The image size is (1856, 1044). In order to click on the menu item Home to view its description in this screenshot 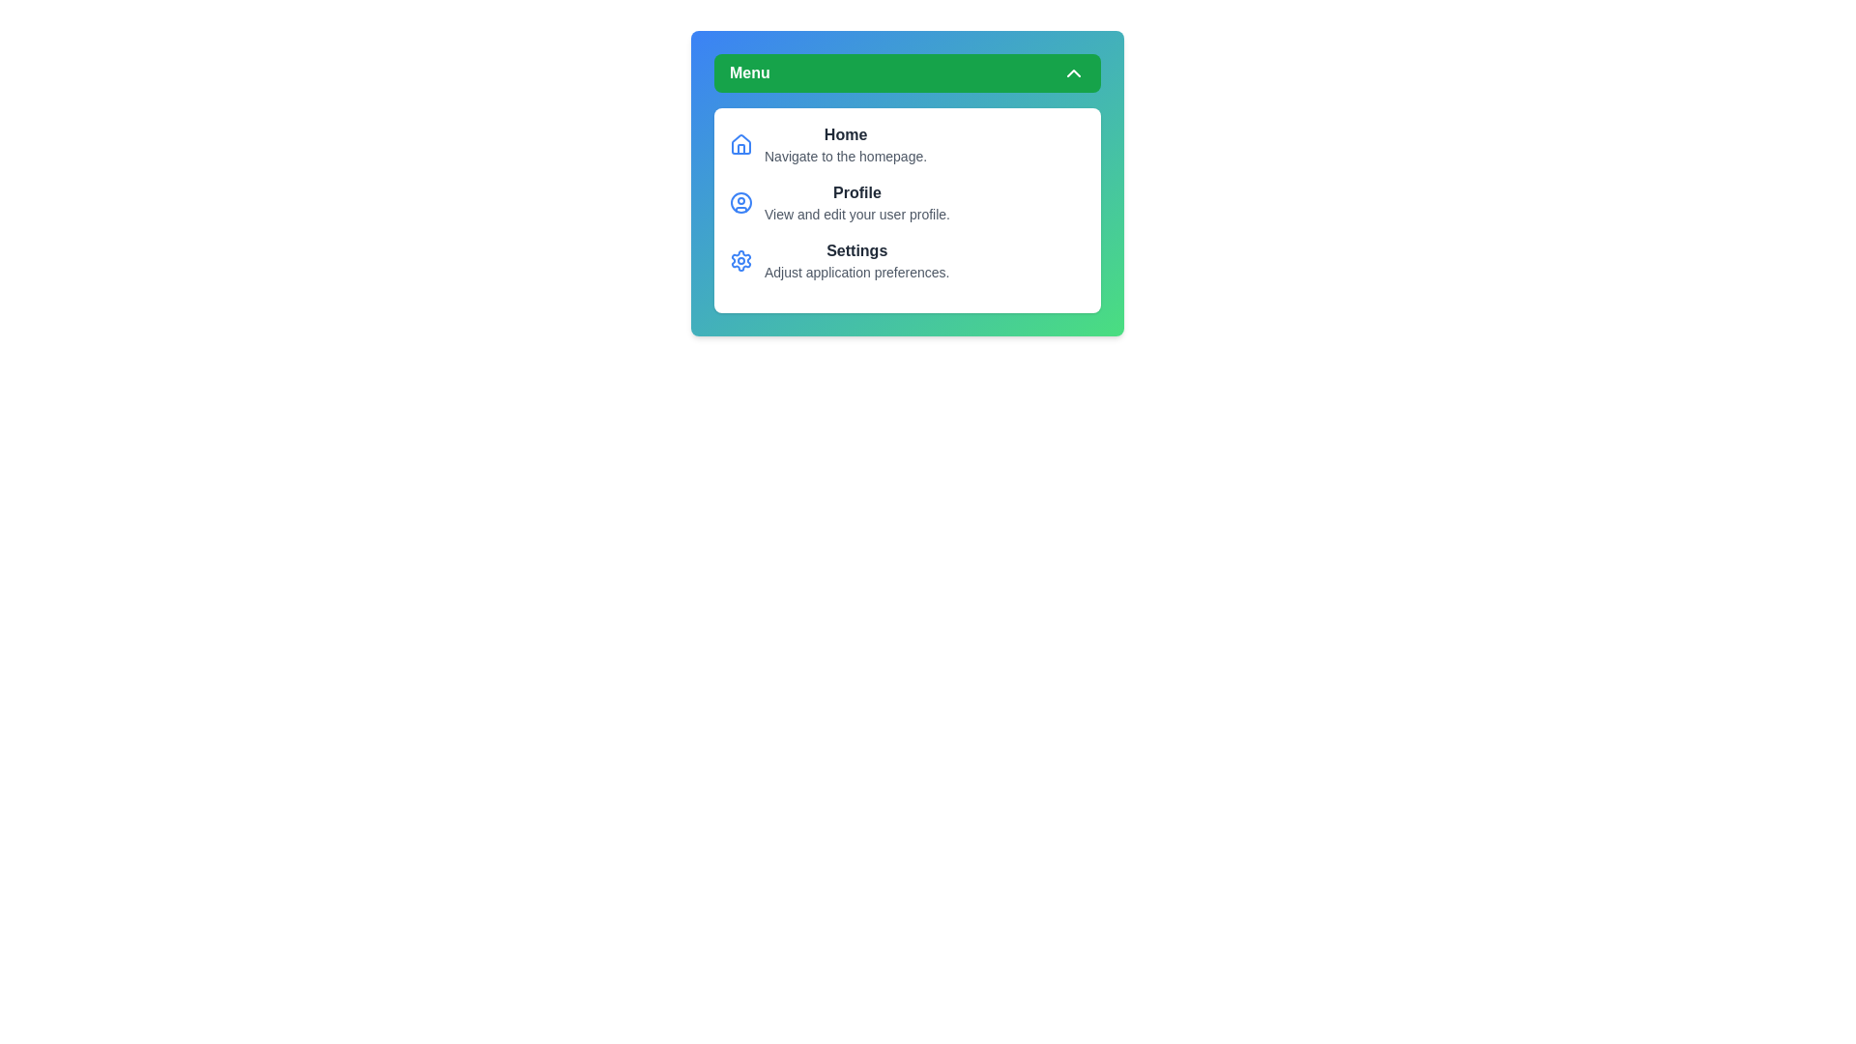, I will do `click(846, 133)`.